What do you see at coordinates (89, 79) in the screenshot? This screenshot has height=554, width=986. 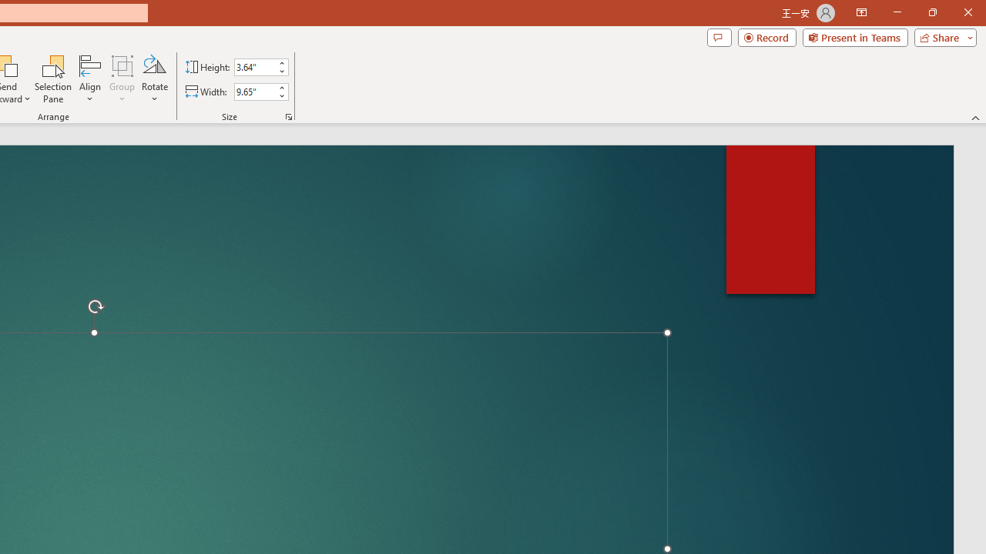 I see `'Align'` at bounding box center [89, 79].